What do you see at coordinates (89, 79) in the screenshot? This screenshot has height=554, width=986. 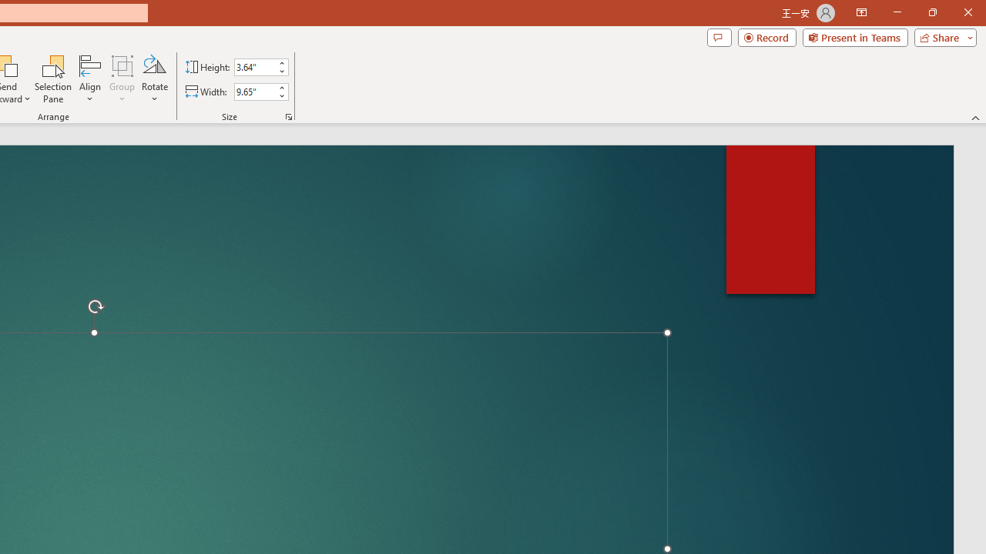 I see `'Align'` at bounding box center [89, 79].